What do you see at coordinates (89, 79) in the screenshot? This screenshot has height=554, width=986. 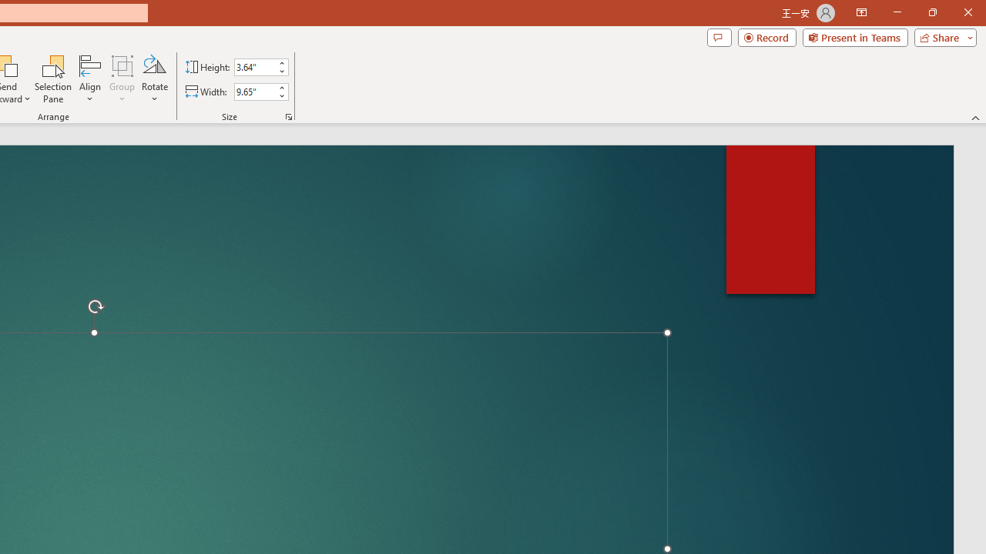 I see `'Align'` at bounding box center [89, 79].